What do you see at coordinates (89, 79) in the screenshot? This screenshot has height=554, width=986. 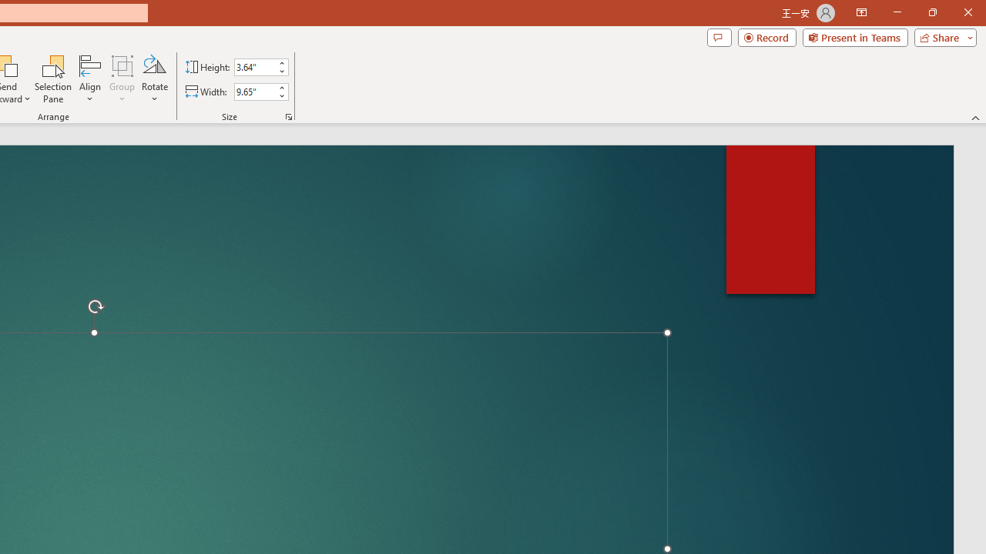 I see `'Align'` at bounding box center [89, 79].